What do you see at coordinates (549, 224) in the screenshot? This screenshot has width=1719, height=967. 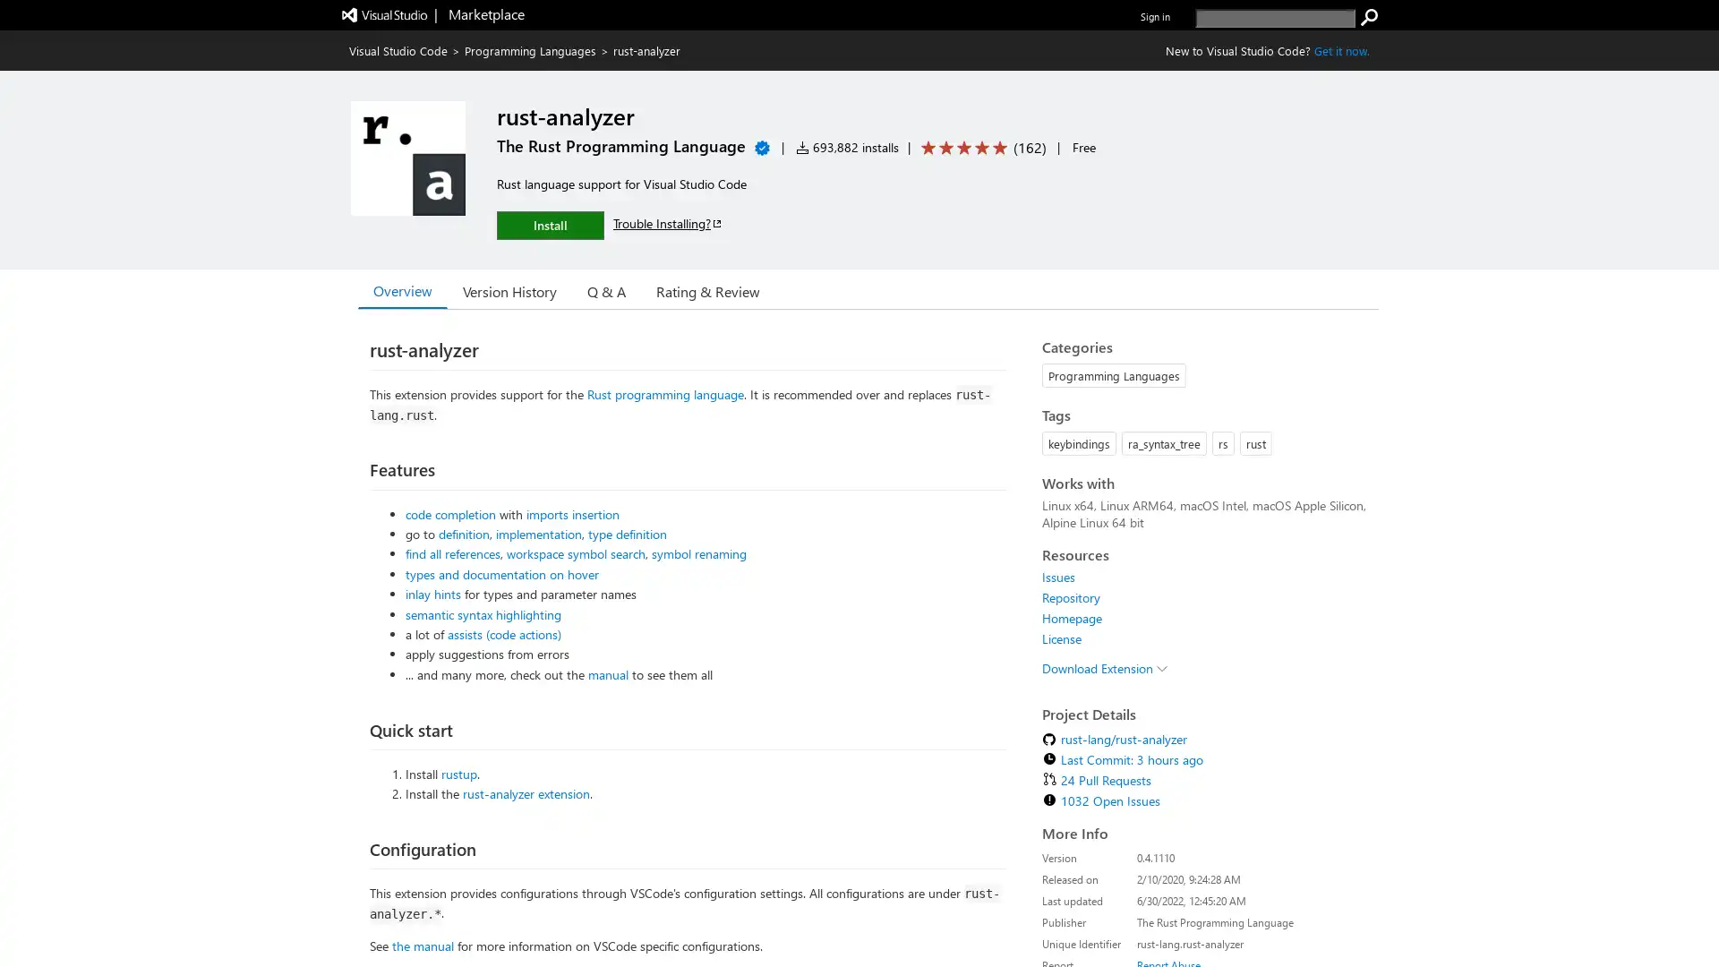 I see `Install` at bounding box center [549, 224].